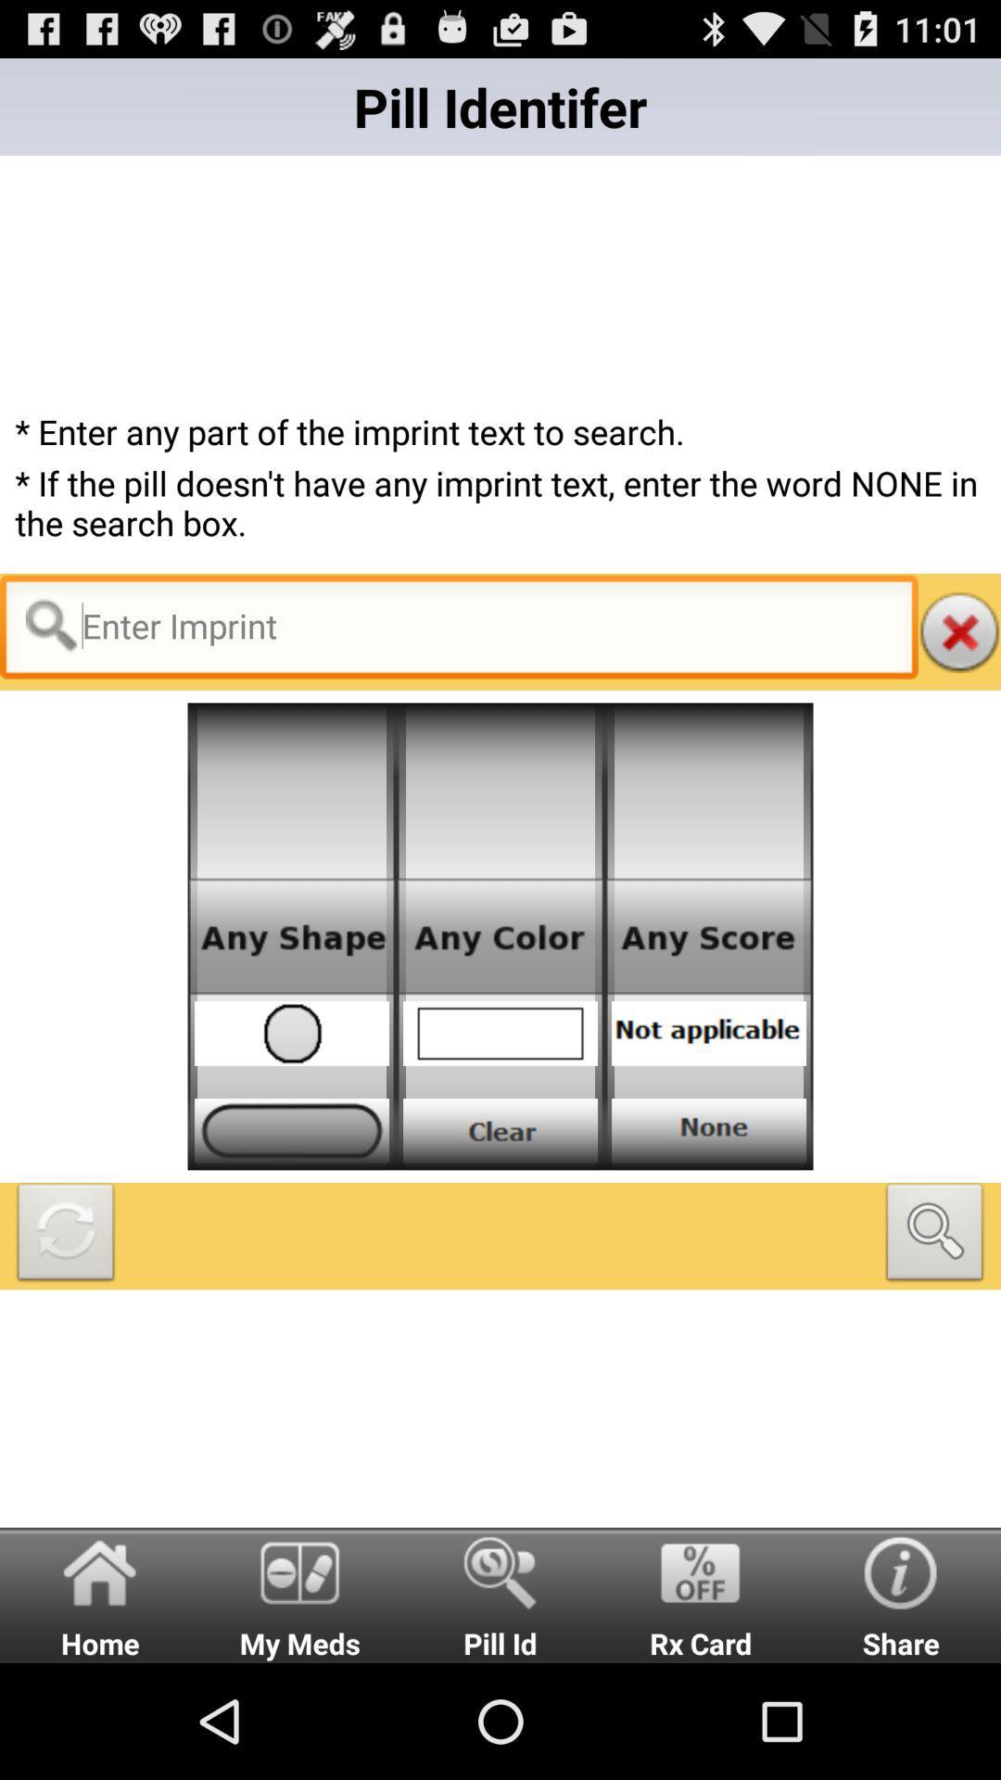 The height and width of the screenshot is (1780, 1001). I want to click on the close icon, so click(959, 675).